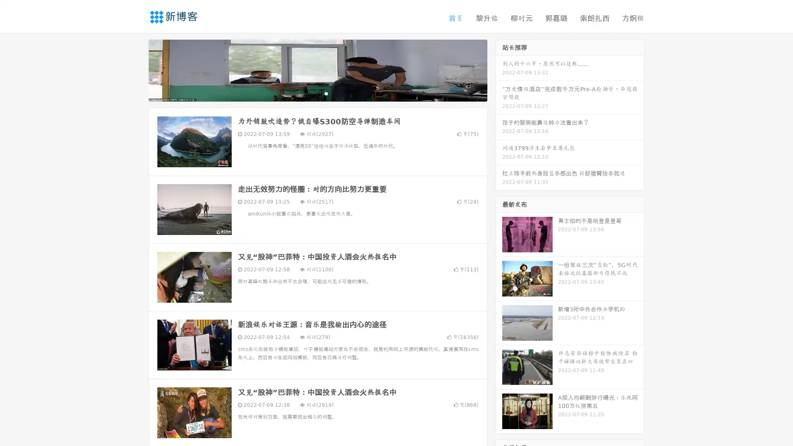 The image size is (793, 446). What do you see at coordinates (499, 69) in the screenshot?
I see `Next slide` at bounding box center [499, 69].